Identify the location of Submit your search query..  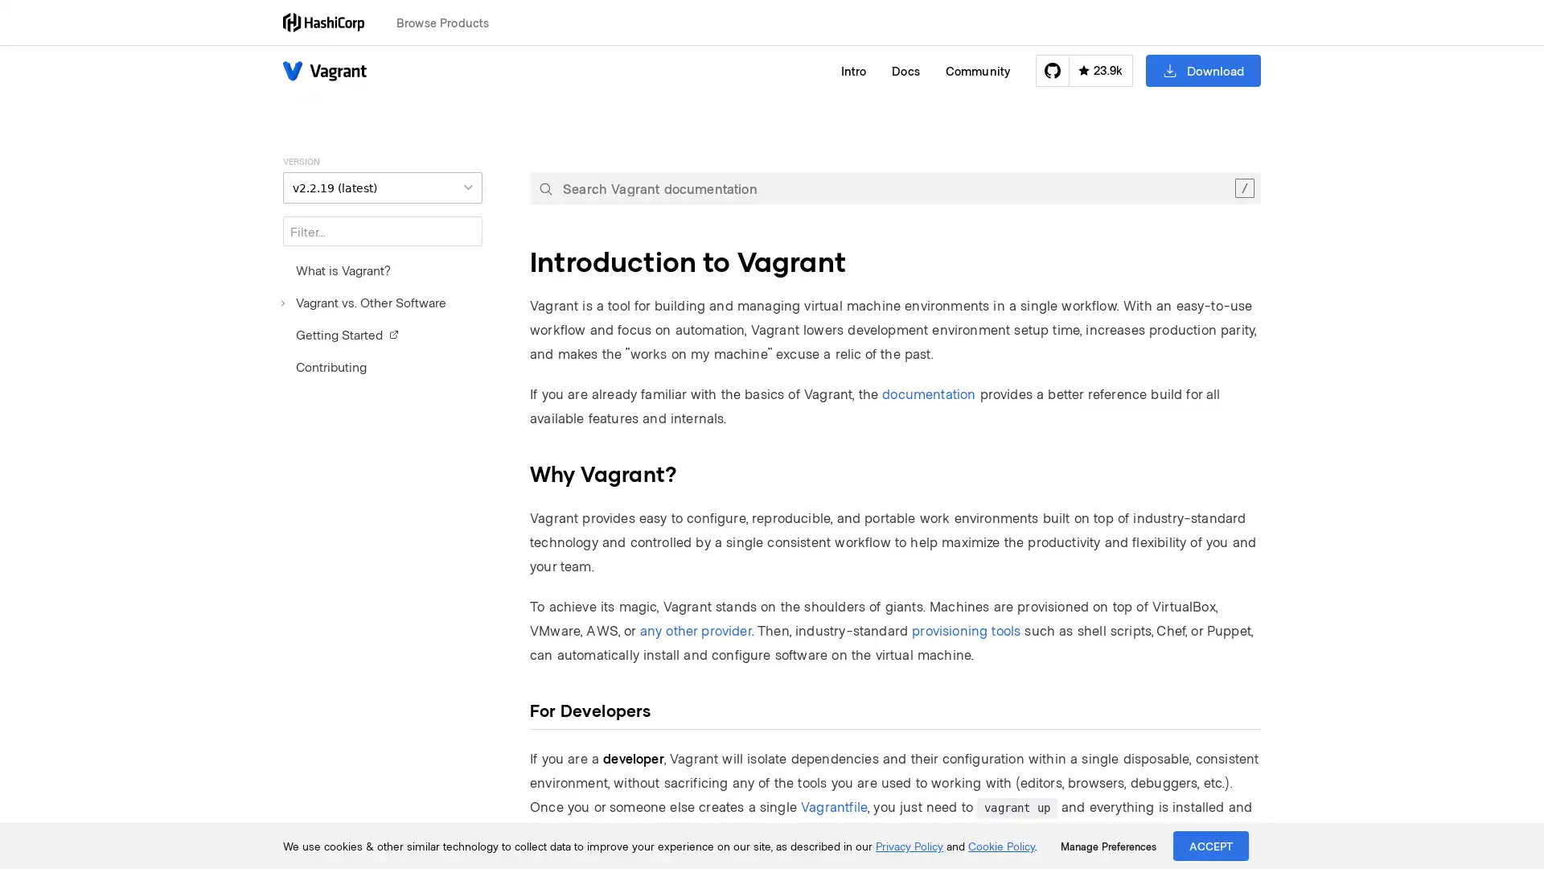
(545, 187).